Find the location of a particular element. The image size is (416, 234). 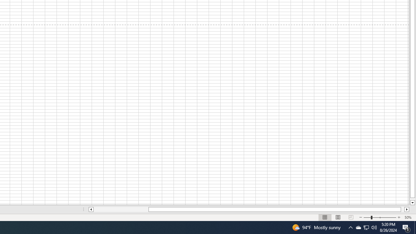

'Zoom In' is located at coordinates (398, 217).